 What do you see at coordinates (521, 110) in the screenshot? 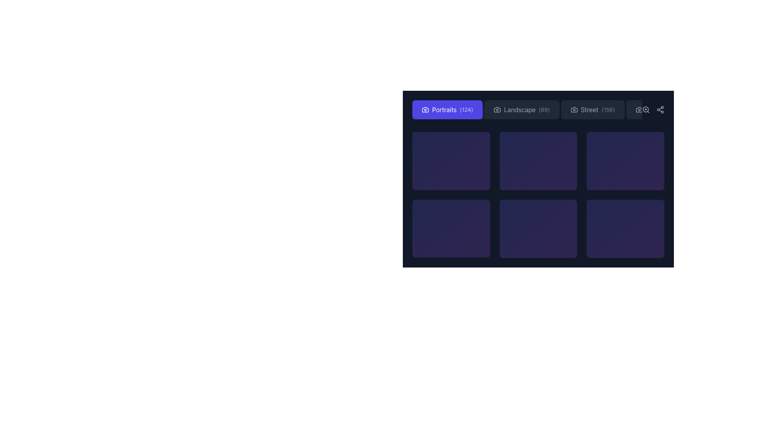
I see `the 'Landscape' button, which is the second button from the left in a horizontal group of buttons` at bounding box center [521, 110].